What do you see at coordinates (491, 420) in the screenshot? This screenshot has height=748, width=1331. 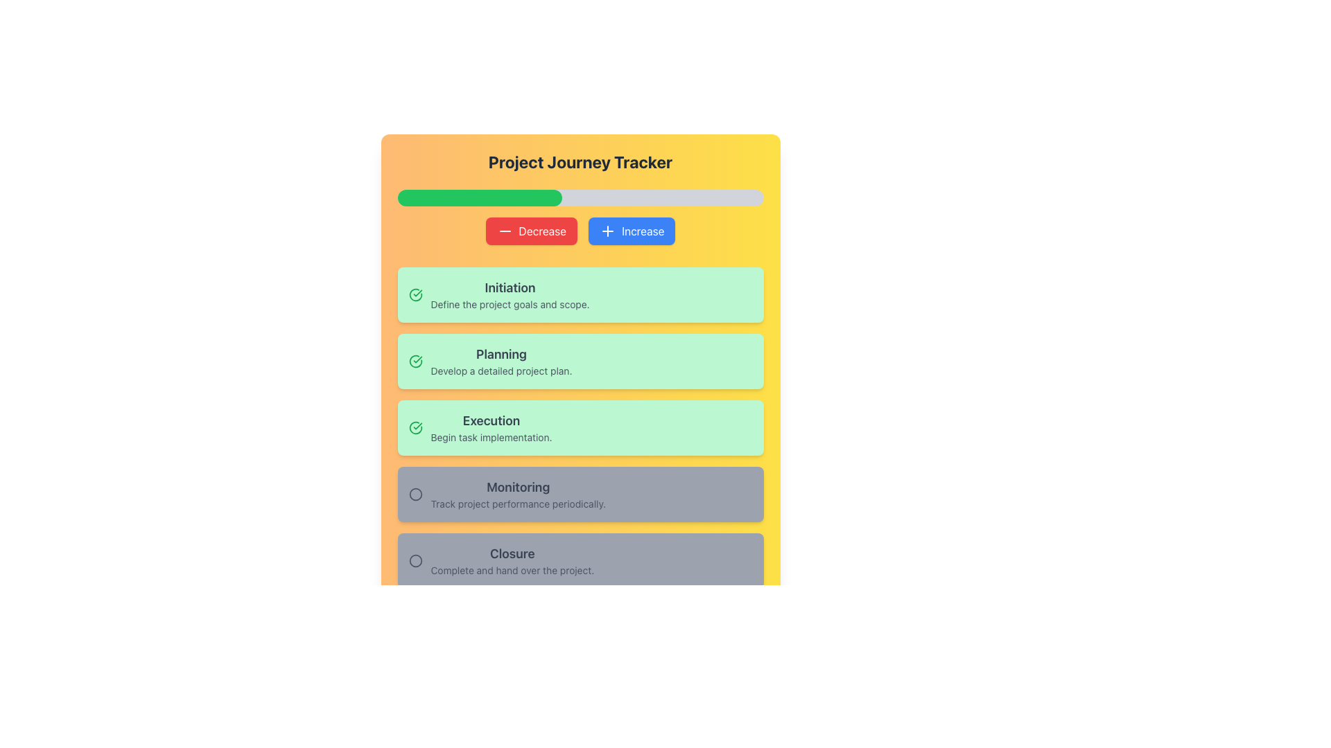 I see `the 'Execution' phase title text label located centrally in the third card of the 'Project Journey Tracker' list, which is positioned above the description text 'Begin task implementation.'` at bounding box center [491, 420].